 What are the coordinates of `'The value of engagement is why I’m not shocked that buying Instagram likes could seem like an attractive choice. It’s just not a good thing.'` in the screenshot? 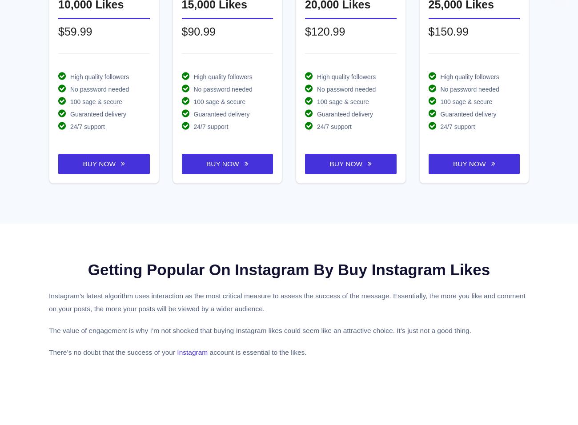 It's located at (48, 329).